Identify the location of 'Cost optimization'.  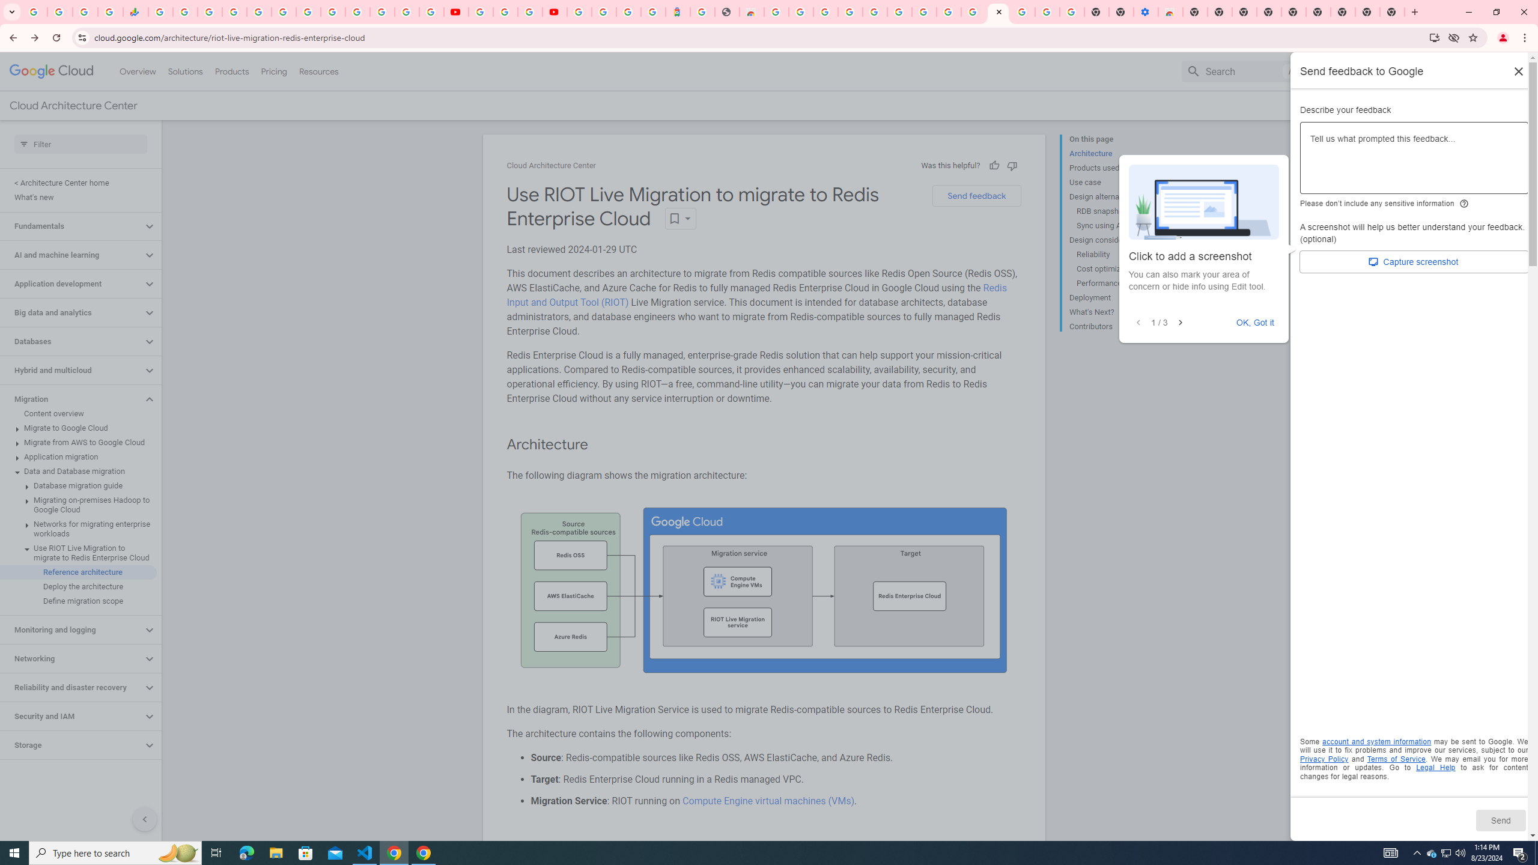
(1122, 269).